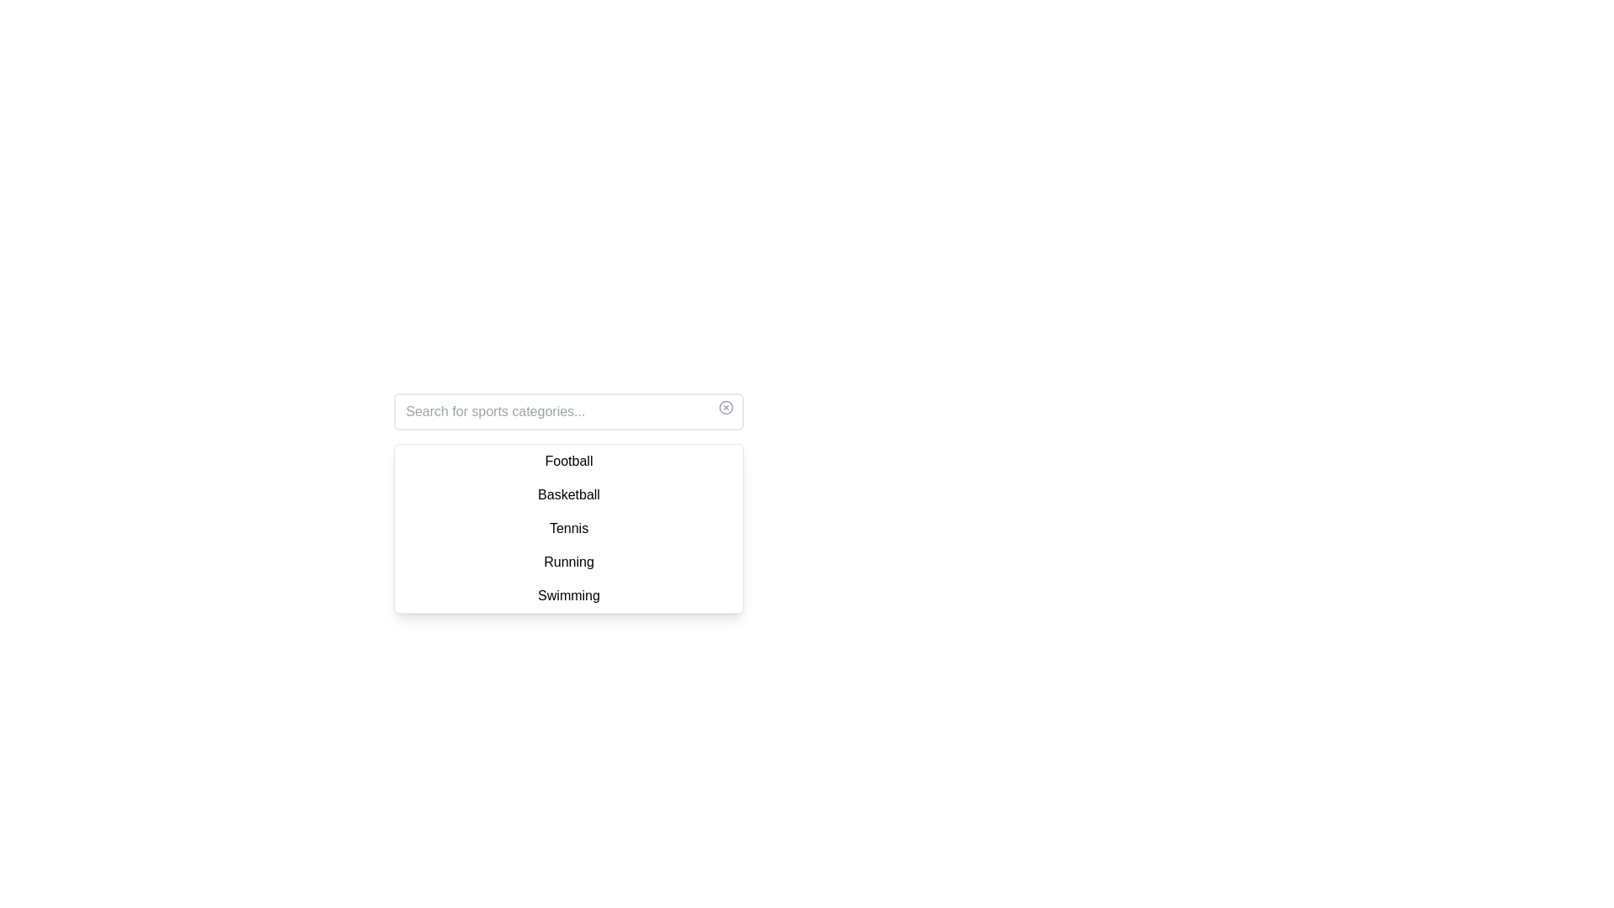 The image size is (1614, 908). I want to click on the 'Football' button, which is the first item in the dropdown list below the 'Search for sports categories...' input bar, so click(568, 461).